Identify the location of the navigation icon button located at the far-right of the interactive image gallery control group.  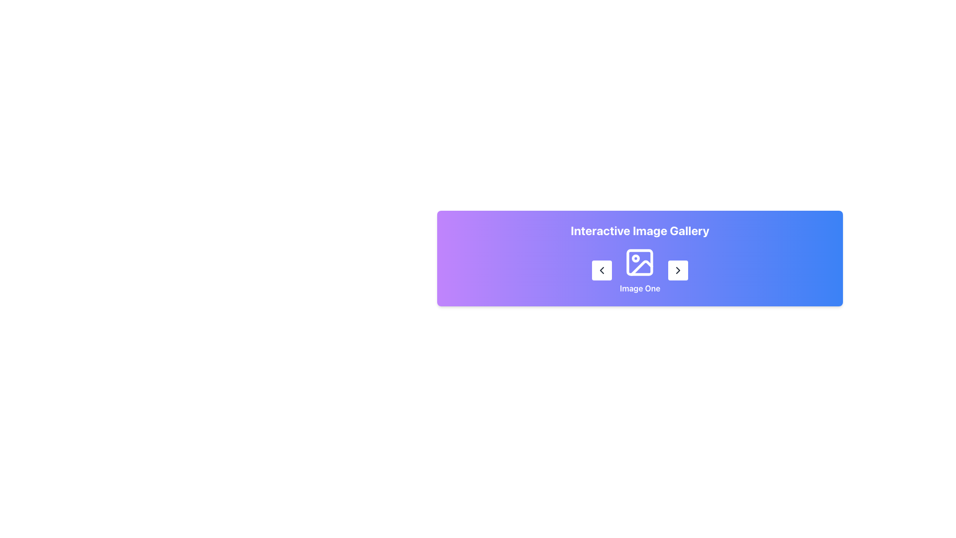
(678, 270).